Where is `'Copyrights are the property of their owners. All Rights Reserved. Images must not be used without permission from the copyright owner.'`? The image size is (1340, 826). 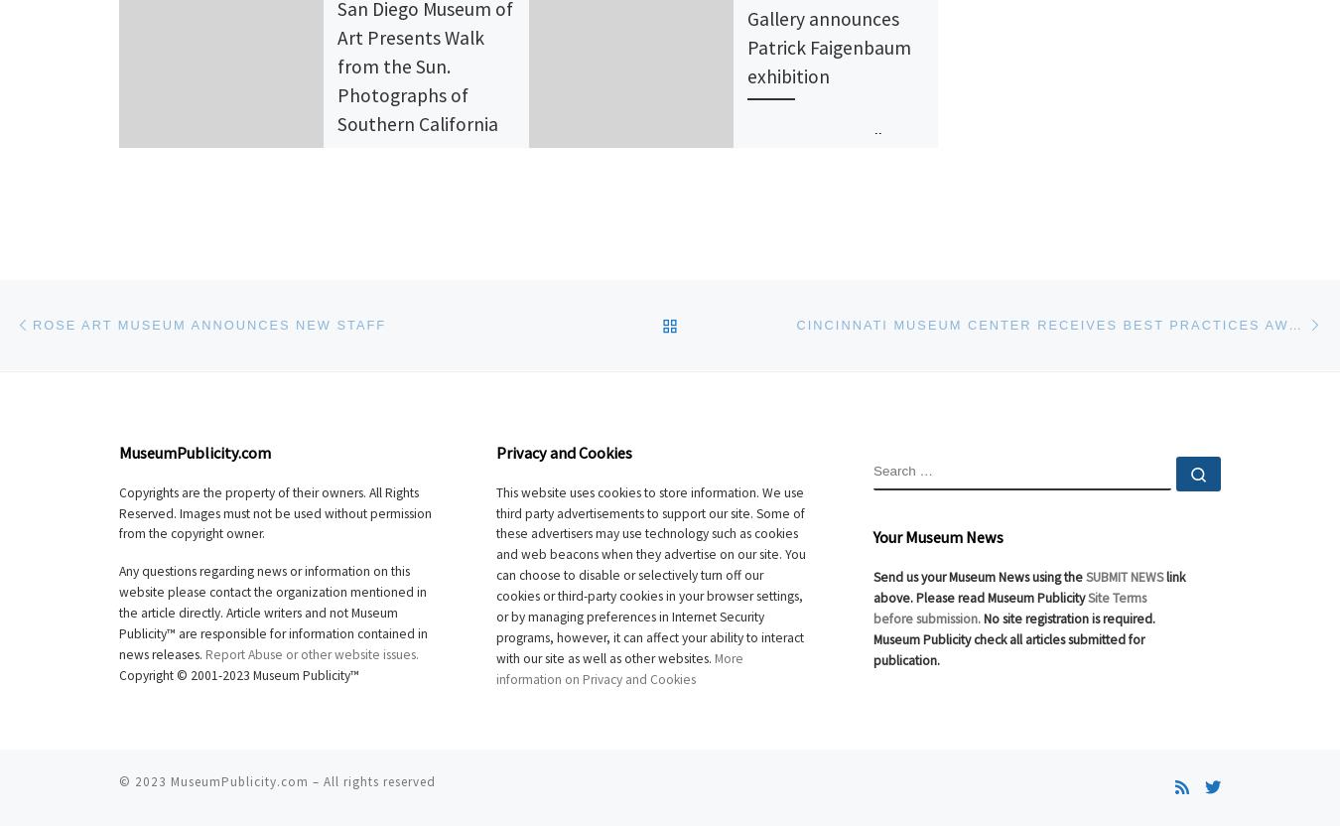 'Copyrights are the property of their owners. All Rights Reserved. Images must not be used without permission from the copyright owner.' is located at coordinates (119, 511).